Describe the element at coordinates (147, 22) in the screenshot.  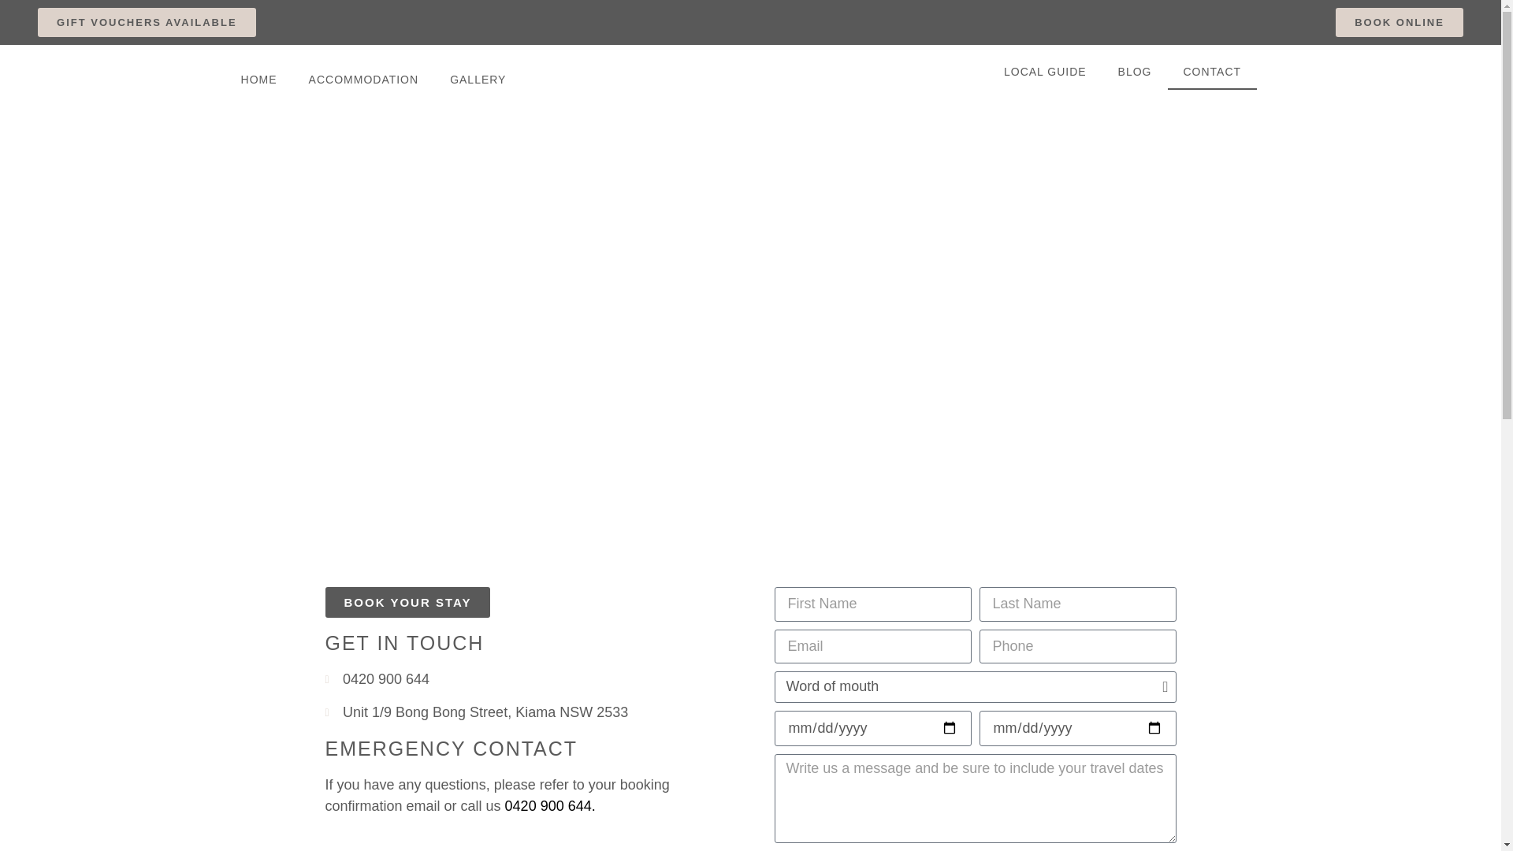
I see `'GIFT VOUCHERS AVAILABLE'` at that location.